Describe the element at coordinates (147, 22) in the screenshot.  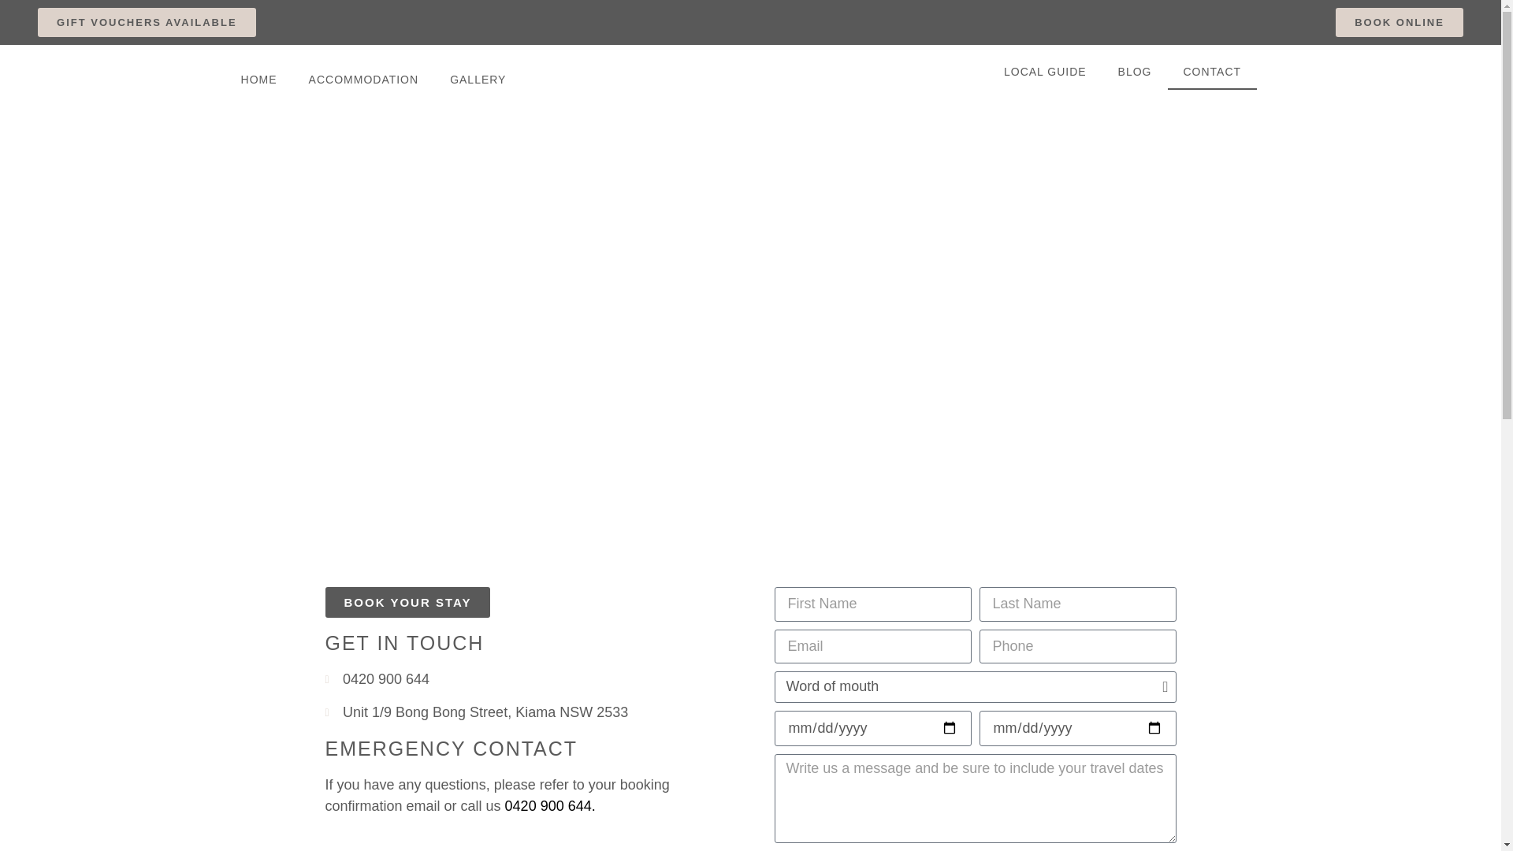
I see `'GIFT VOUCHERS AVAILABLE'` at that location.